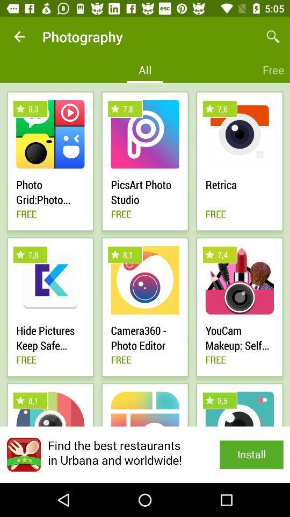 This screenshot has height=517, width=290. I want to click on install app, so click(145, 454).